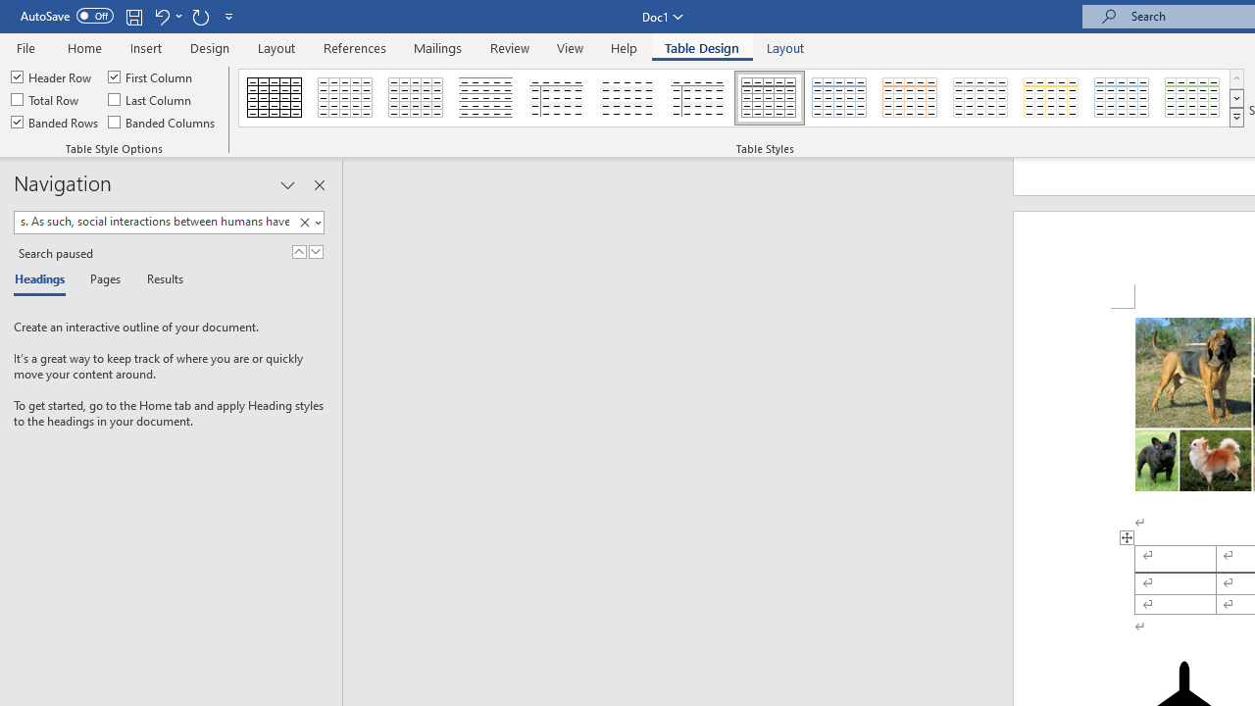 The height and width of the screenshot is (706, 1255). I want to click on 'Banded Columns', so click(164, 122).